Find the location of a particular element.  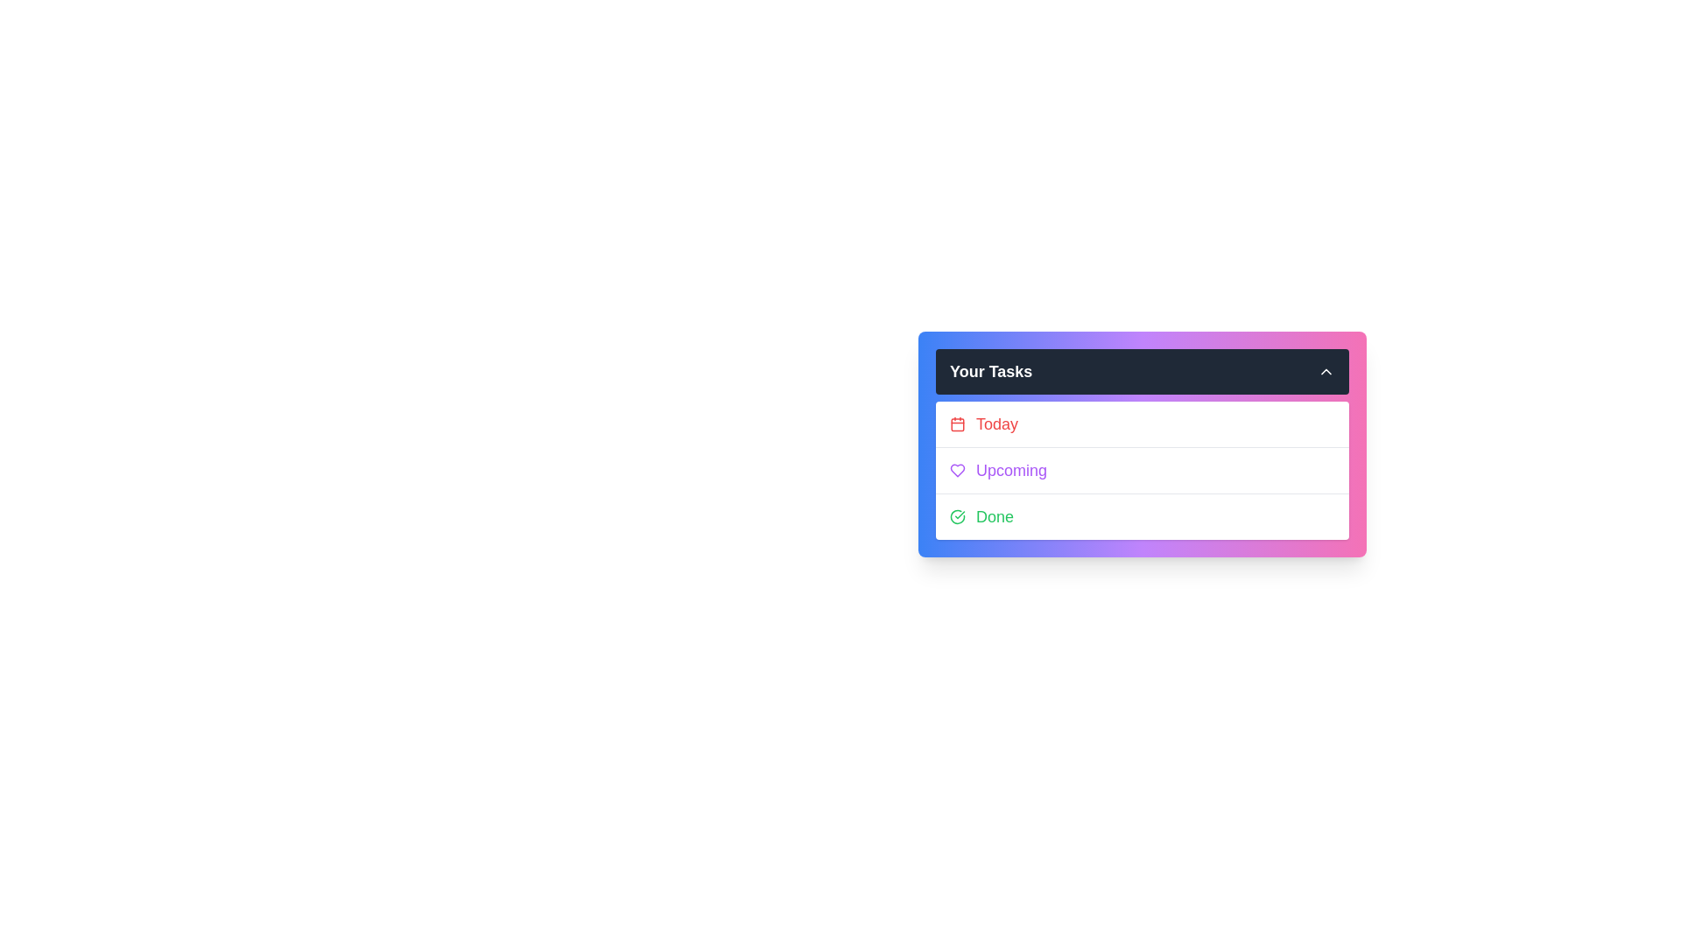

the menu item labeled Upcoming to observe the color change is located at coordinates (1143, 468).